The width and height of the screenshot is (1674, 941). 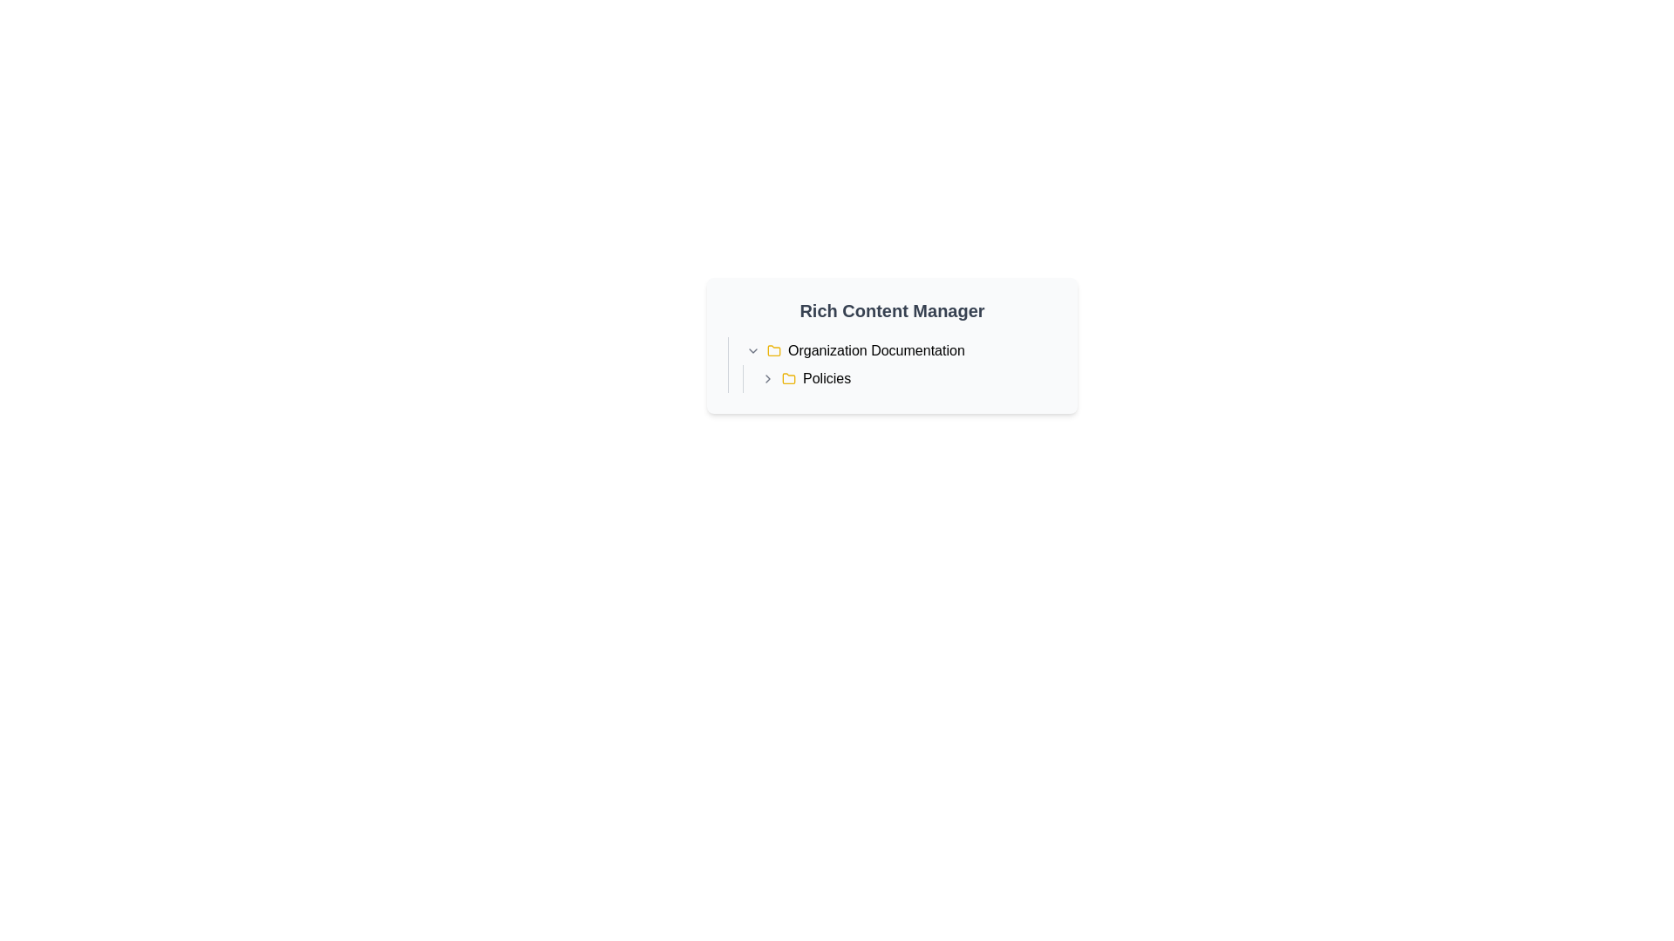 I want to click on the folder icon located to the left of the text 'Organization Documentation', so click(x=773, y=350).